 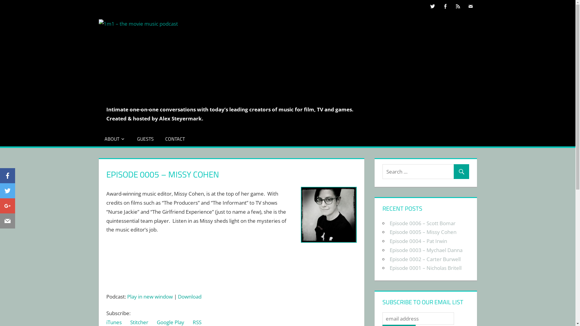 I want to click on 'Email', so click(x=7, y=222).